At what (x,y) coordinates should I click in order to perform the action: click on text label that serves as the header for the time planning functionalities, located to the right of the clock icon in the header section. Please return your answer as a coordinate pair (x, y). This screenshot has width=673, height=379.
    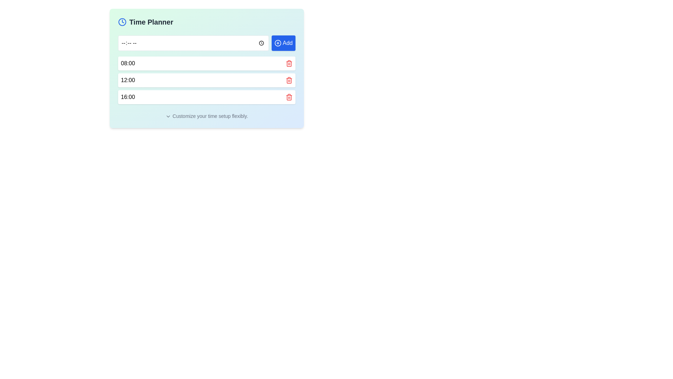
    Looking at the image, I should click on (151, 21).